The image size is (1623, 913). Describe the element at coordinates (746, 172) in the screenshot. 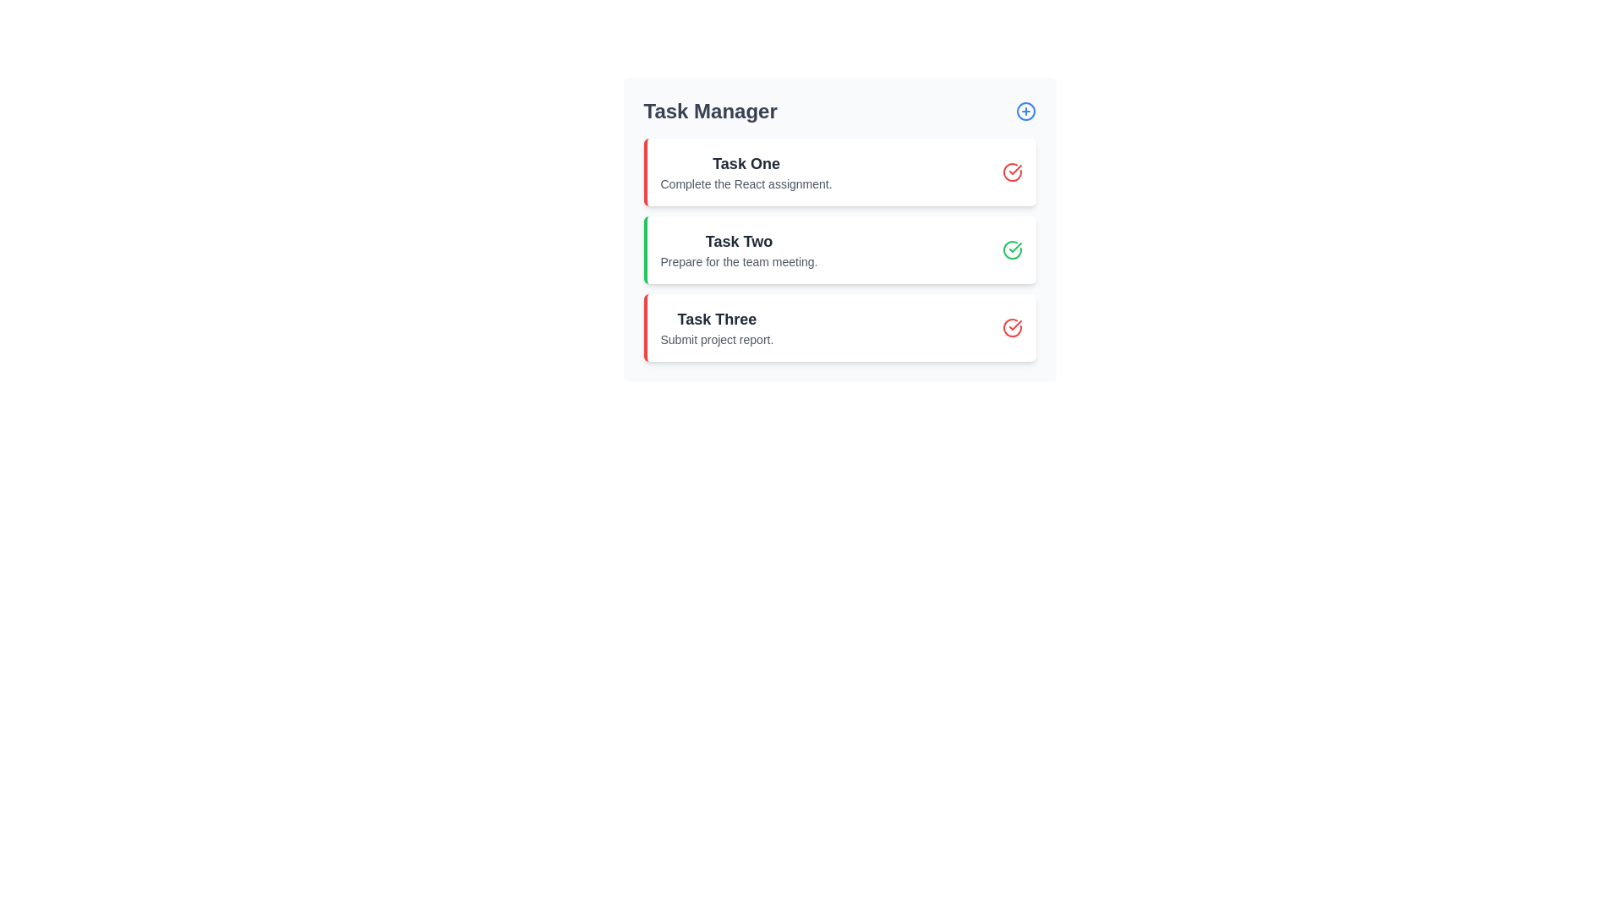

I see `the first task item in the 'Task Manager' list` at that location.